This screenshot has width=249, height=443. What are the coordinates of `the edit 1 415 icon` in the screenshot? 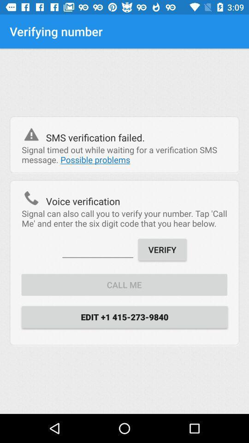 It's located at (125, 317).